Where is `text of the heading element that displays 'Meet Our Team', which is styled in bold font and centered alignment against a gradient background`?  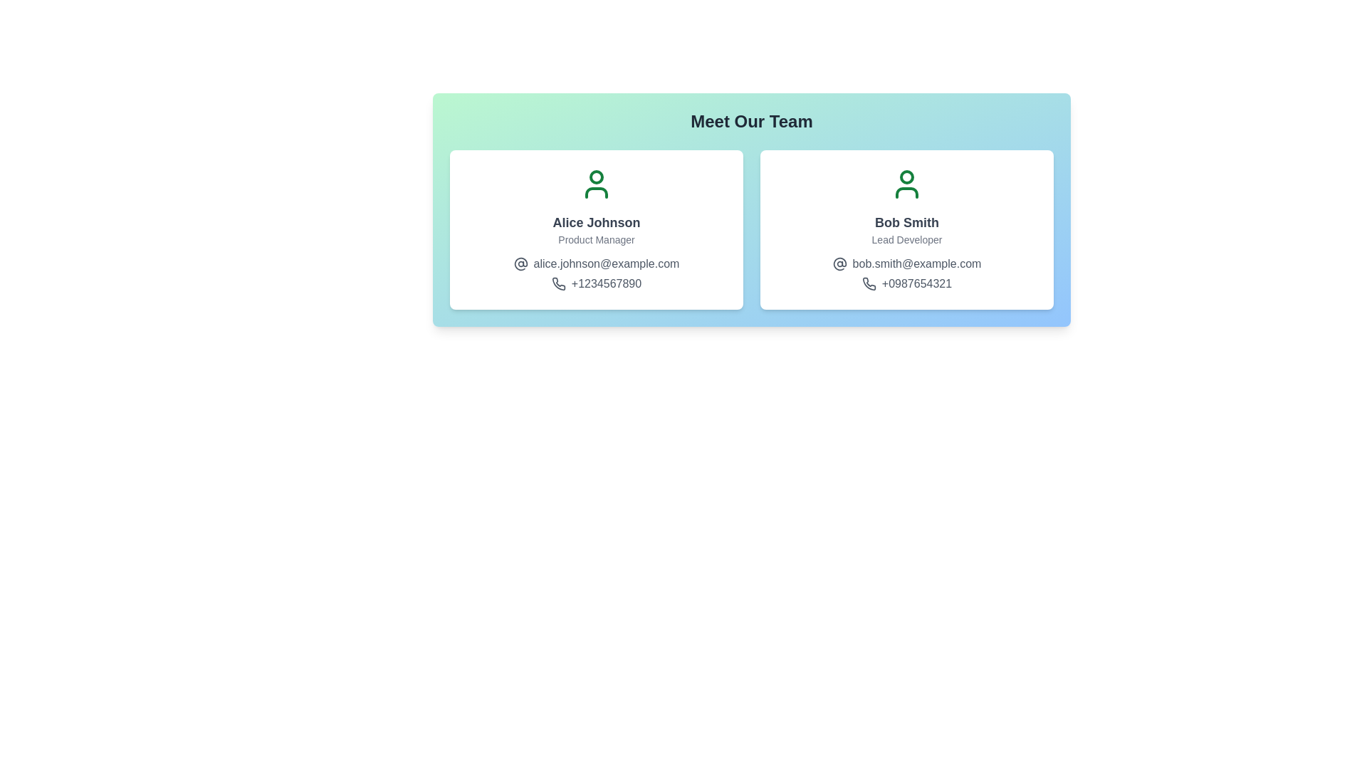
text of the heading element that displays 'Meet Our Team', which is styled in bold font and centered alignment against a gradient background is located at coordinates (751, 120).